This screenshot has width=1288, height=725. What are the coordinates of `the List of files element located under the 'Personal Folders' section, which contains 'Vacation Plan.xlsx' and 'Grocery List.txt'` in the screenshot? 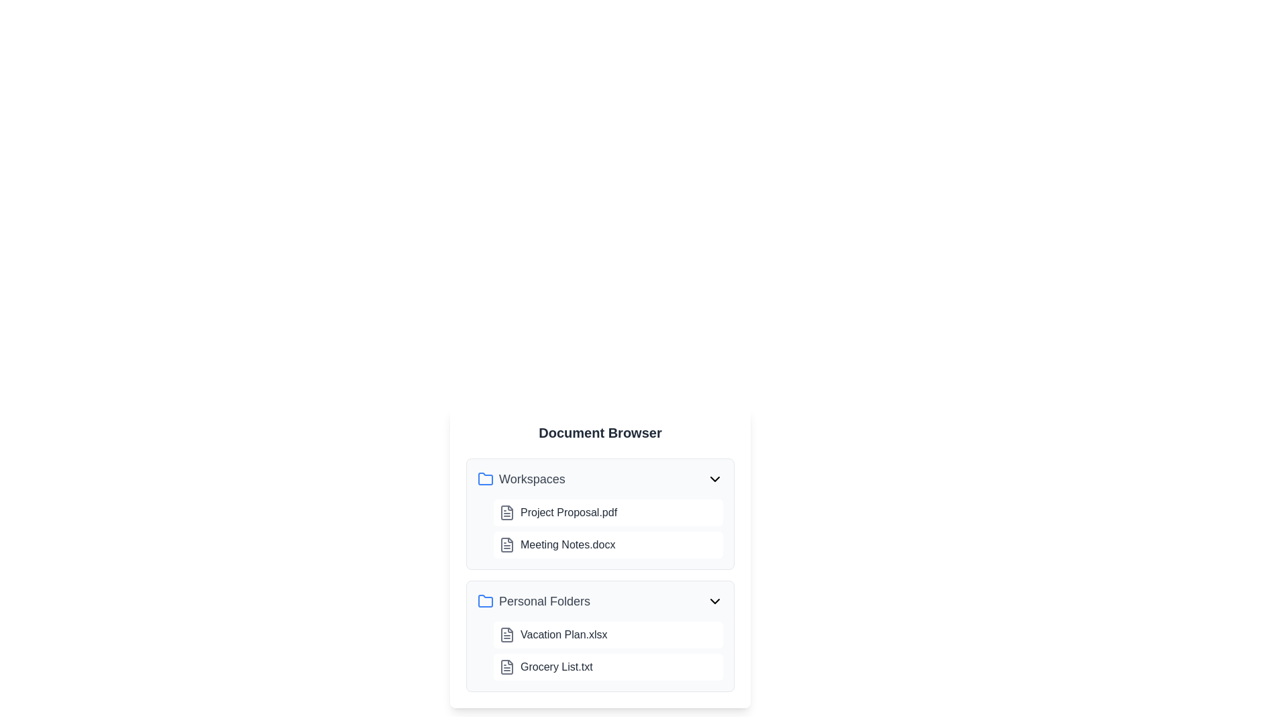 It's located at (599, 650).